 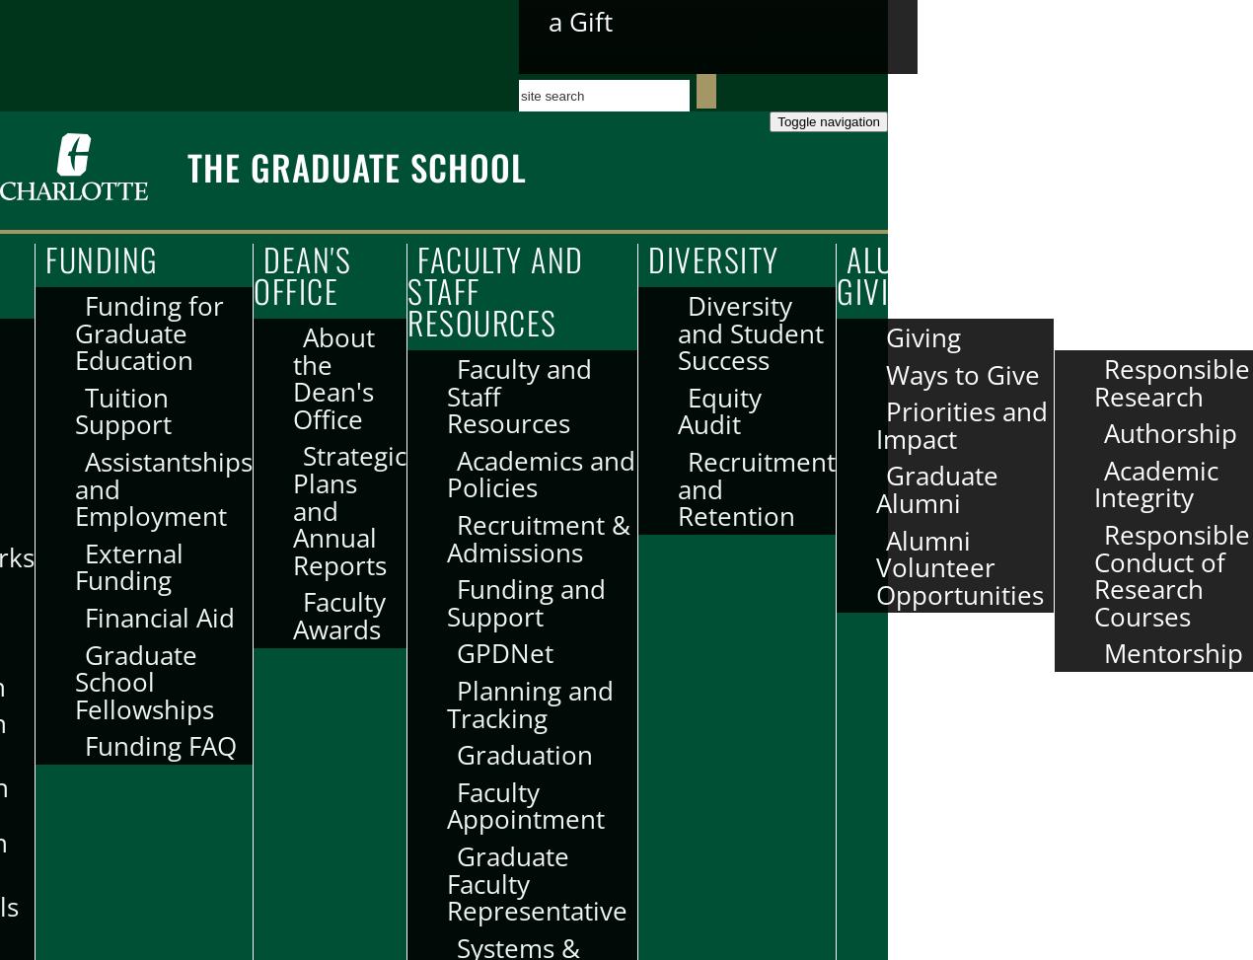 What do you see at coordinates (356, 166) in the screenshot?
I see `'The Graduate School'` at bounding box center [356, 166].